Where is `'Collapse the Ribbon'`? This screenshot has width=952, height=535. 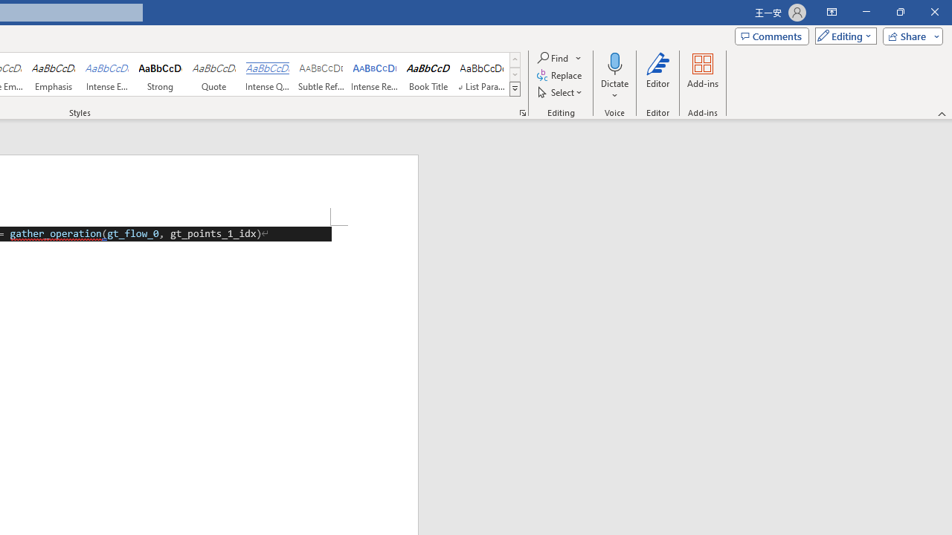 'Collapse the Ribbon' is located at coordinates (942, 113).